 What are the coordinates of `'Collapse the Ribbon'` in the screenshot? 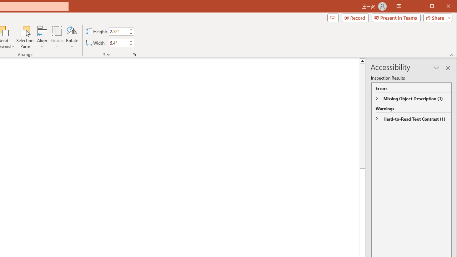 It's located at (452, 55).